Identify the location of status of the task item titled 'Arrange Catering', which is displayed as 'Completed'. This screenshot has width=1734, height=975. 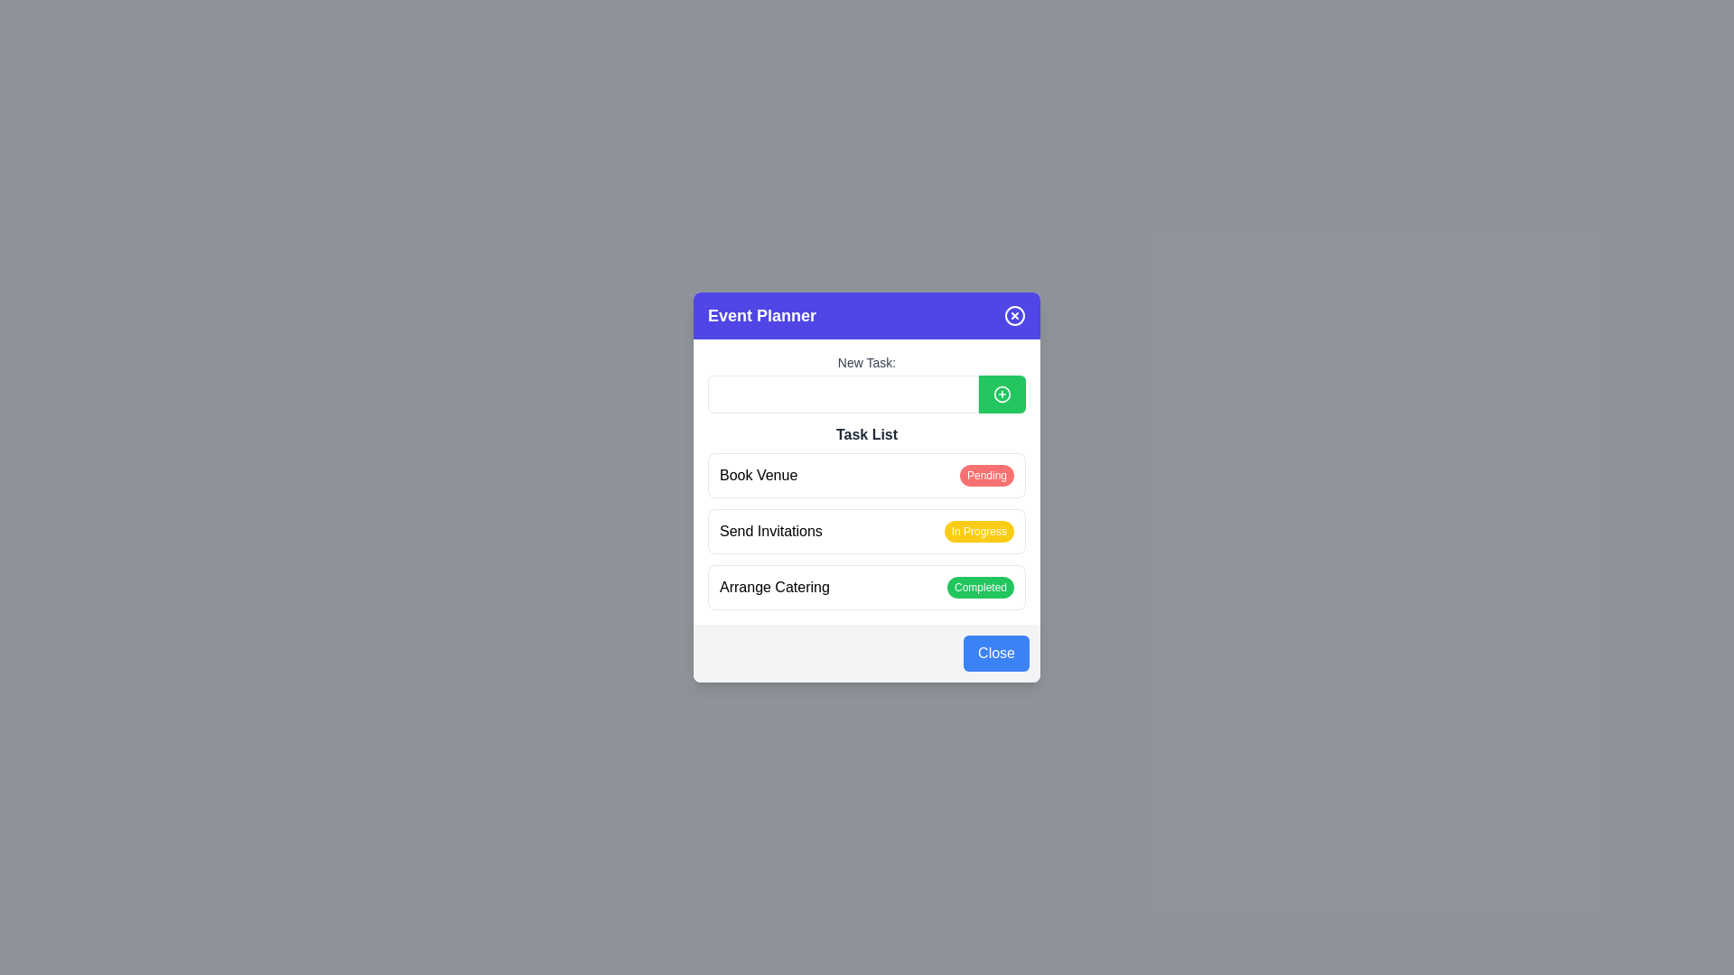
(867, 588).